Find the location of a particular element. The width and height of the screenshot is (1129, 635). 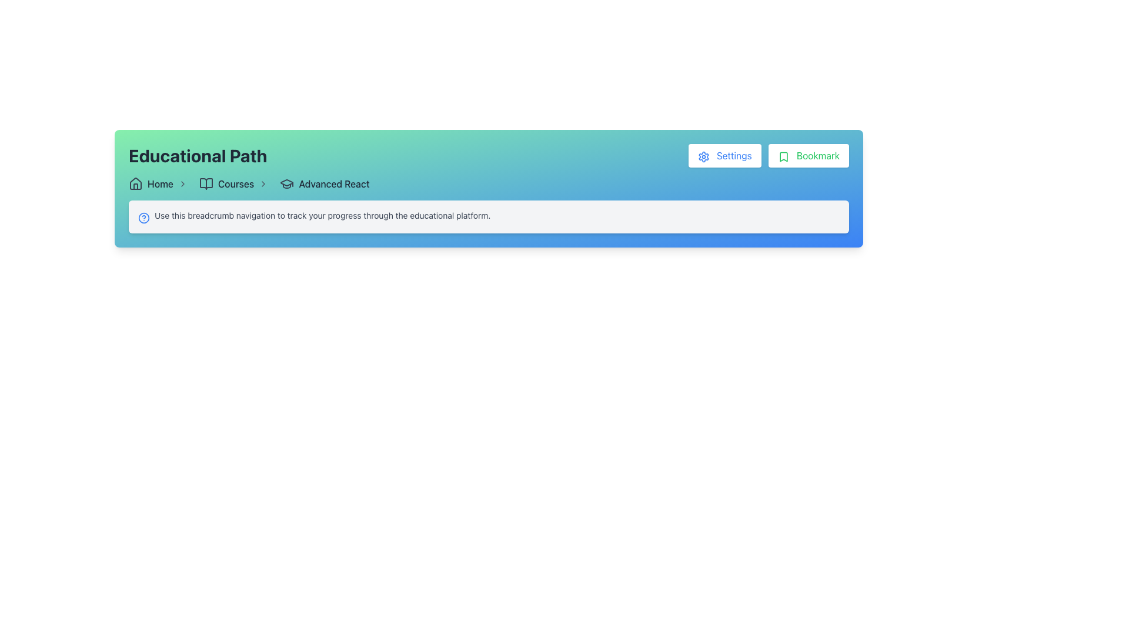

the small outlined house icon located in the breadcrumb navigation bar is located at coordinates (135, 183).